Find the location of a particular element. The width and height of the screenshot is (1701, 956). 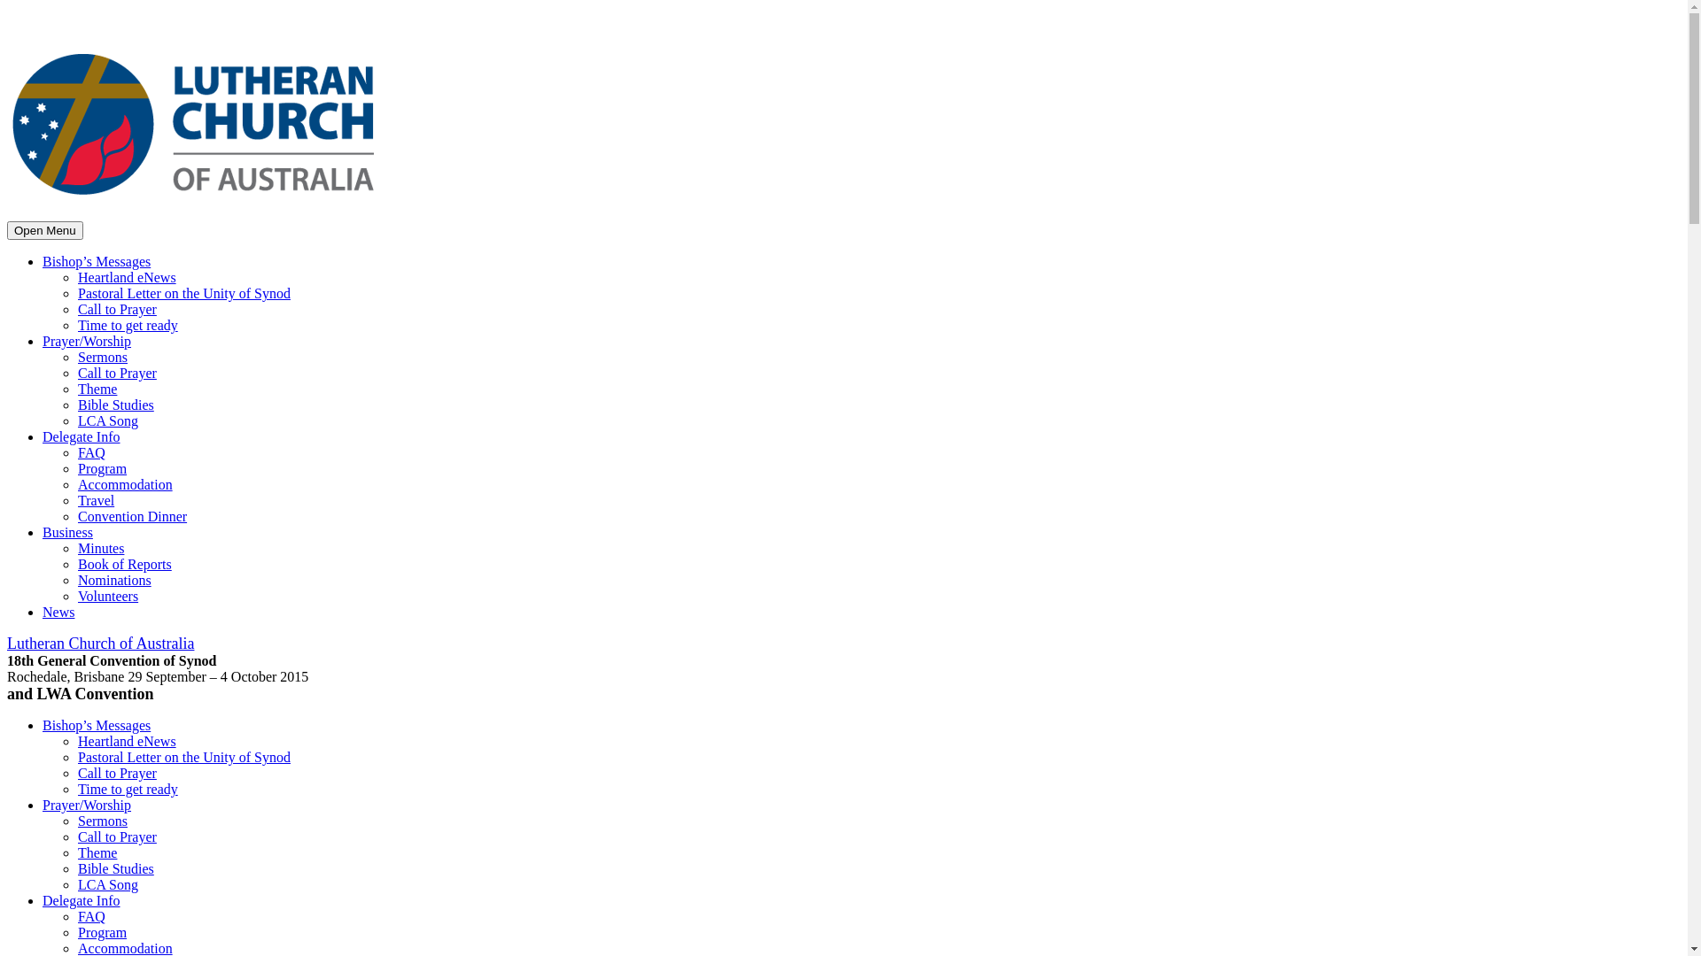

'Prayer/Worship' is located at coordinates (85, 341).